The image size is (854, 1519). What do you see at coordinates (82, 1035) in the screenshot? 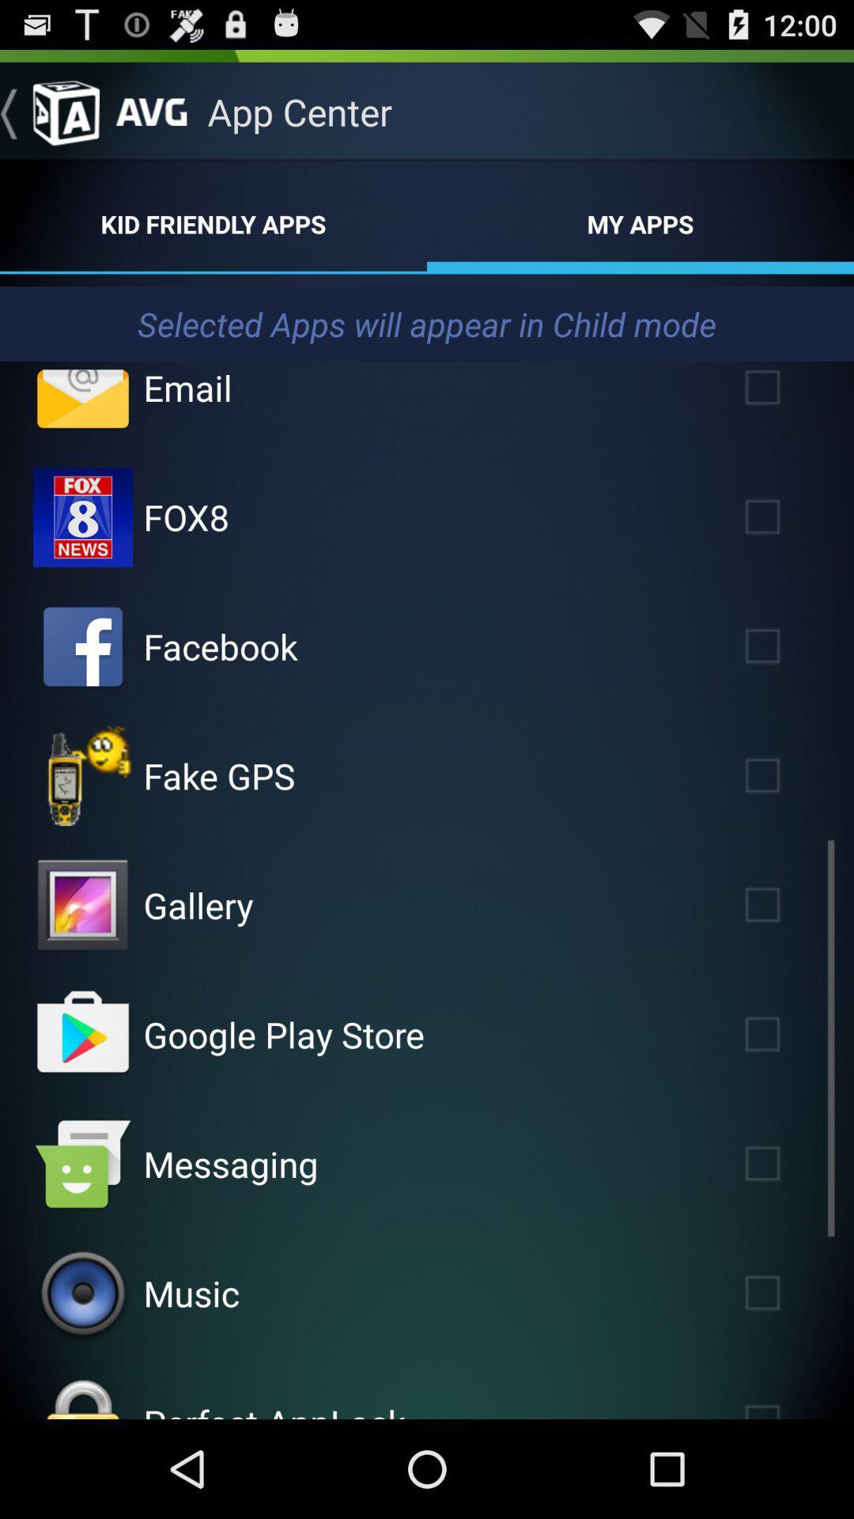
I see `shop at google play store` at bounding box center [82, 1035].